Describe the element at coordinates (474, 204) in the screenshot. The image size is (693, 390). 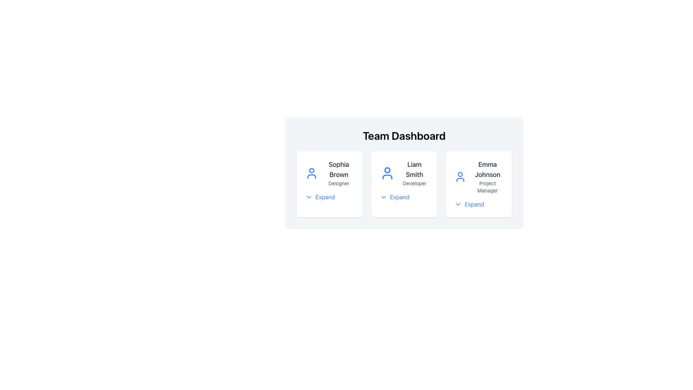
I see `the text label that allows users to expand or reveal additional details related to 'Emma Johnson's profile, labeled 'Project Manager', for accessibility support` at that location.